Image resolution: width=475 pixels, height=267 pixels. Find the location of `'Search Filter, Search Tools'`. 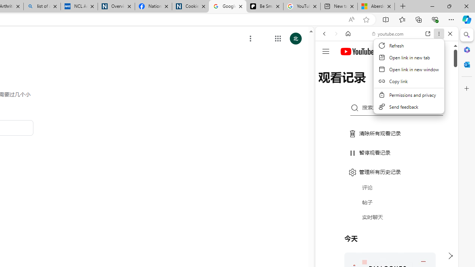

'Search Filter, Search Tools' is located at coordinates (405, 84).